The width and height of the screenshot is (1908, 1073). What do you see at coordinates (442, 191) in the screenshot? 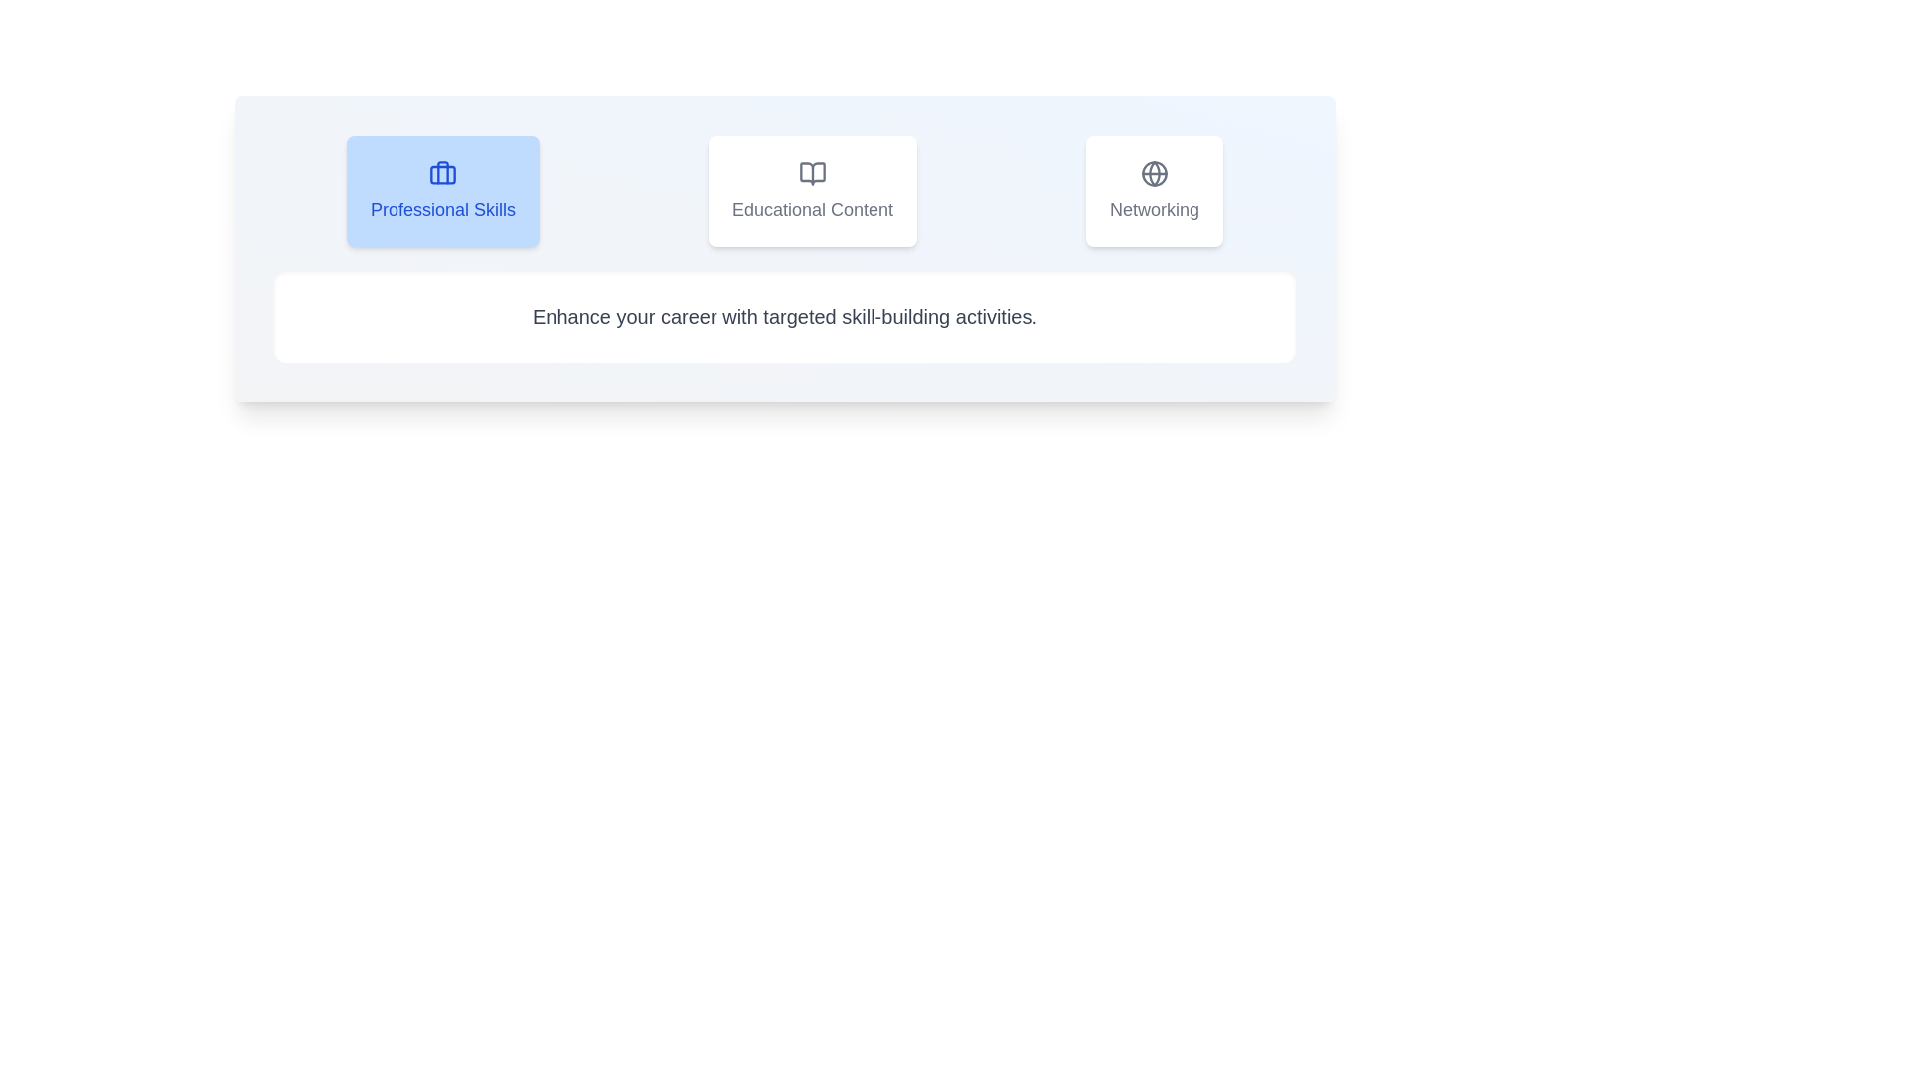
I see `the tab labeled Professional Skills` at bounding box center [442, 191].